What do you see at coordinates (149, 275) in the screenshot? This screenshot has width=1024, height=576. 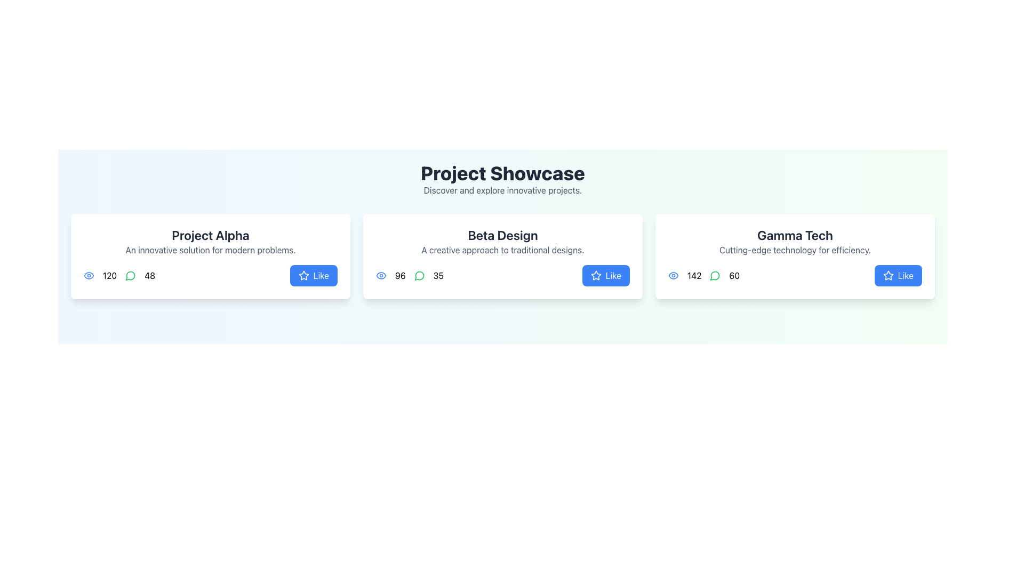 I see `the numeric text label displaying '48', which is positioned to the far right among its sibling numeric elements within a horizontal group of metrics` at bounding box center [149, 275].